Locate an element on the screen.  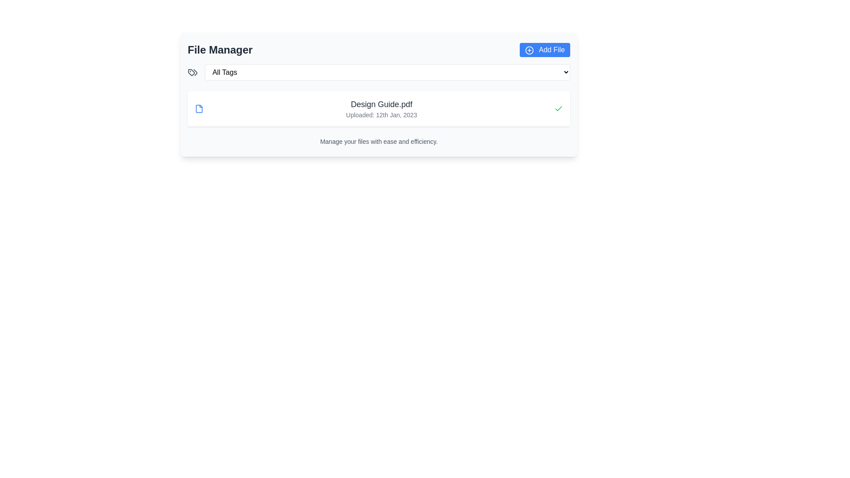
the small grayish tag icon located to the left of the text label 'All Tags' is located at coordinates (192, 72).